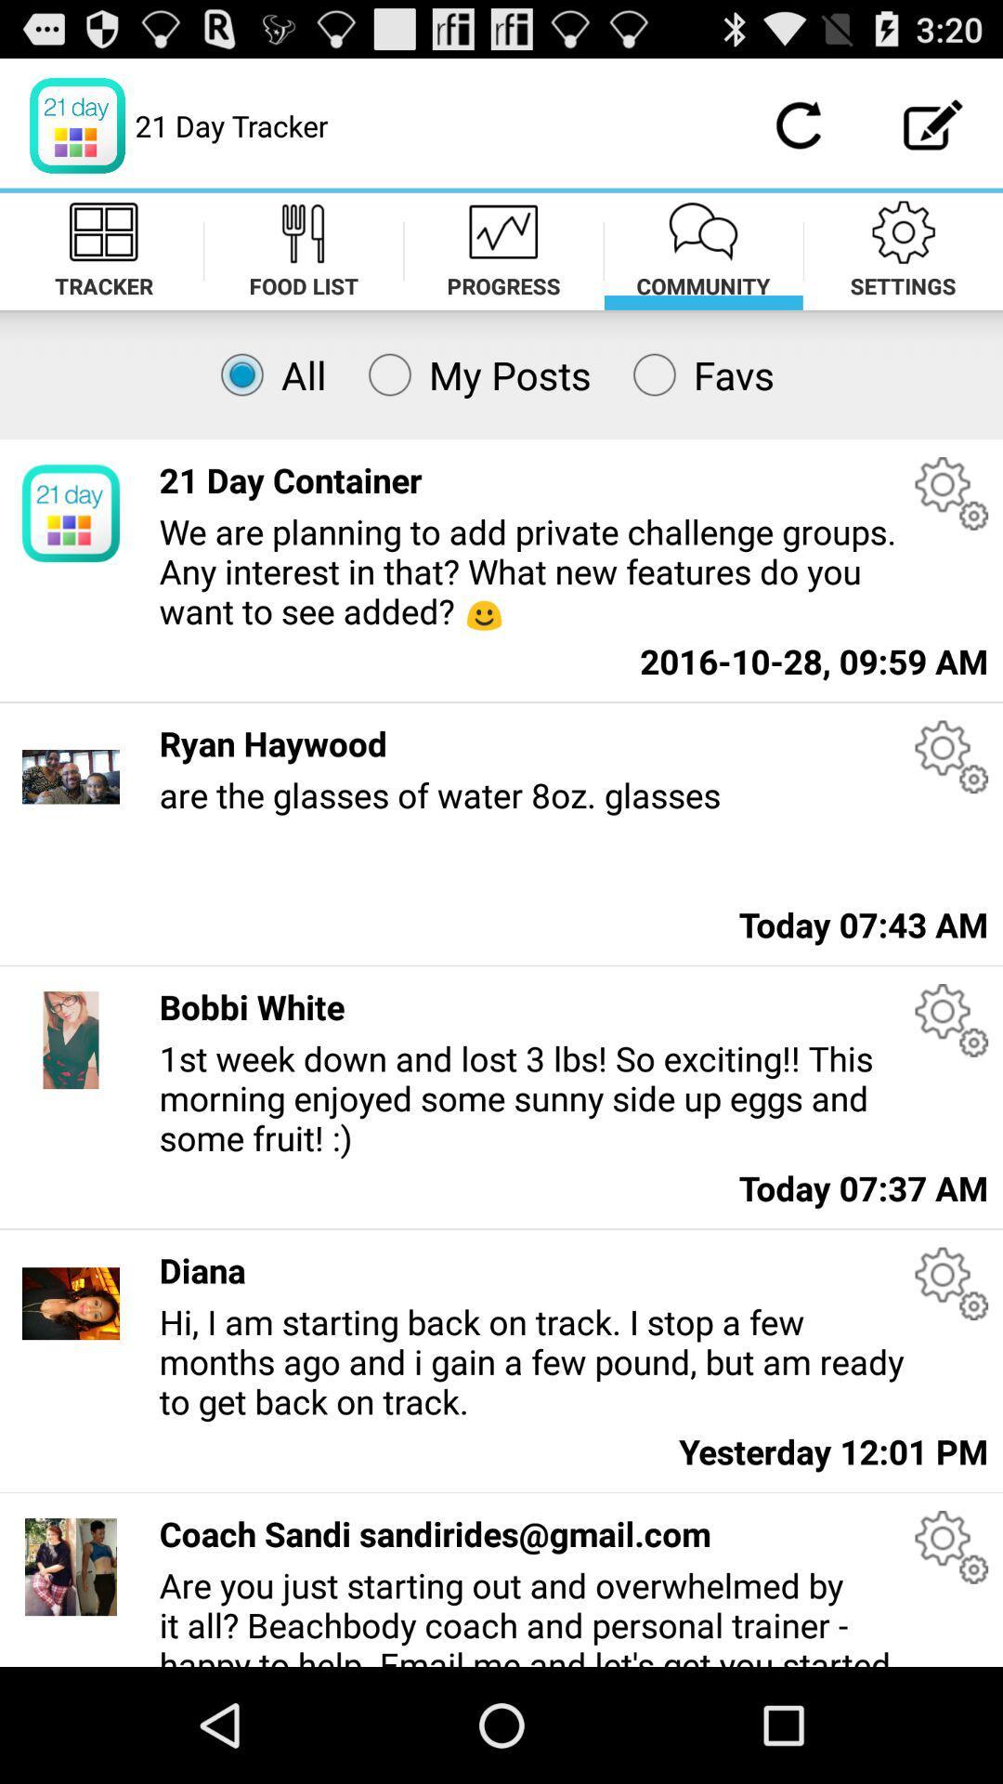 This screenshot has width=1003, height=1784. What do you see at coordinates (951, 1019) in the screenshot?
I see `post settings` at bounding box center [951, 1019].